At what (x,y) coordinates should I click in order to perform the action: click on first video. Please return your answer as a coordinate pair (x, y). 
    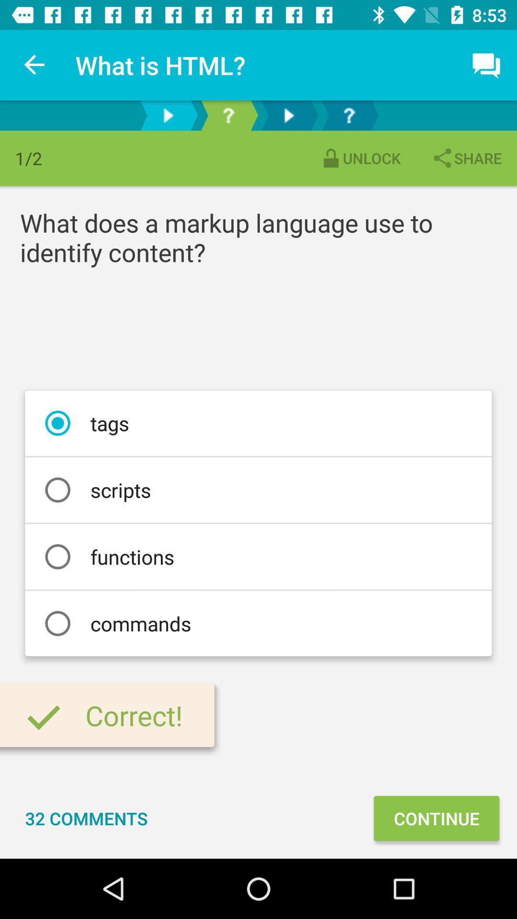
    Looking at the image, I should click on (168, 115).